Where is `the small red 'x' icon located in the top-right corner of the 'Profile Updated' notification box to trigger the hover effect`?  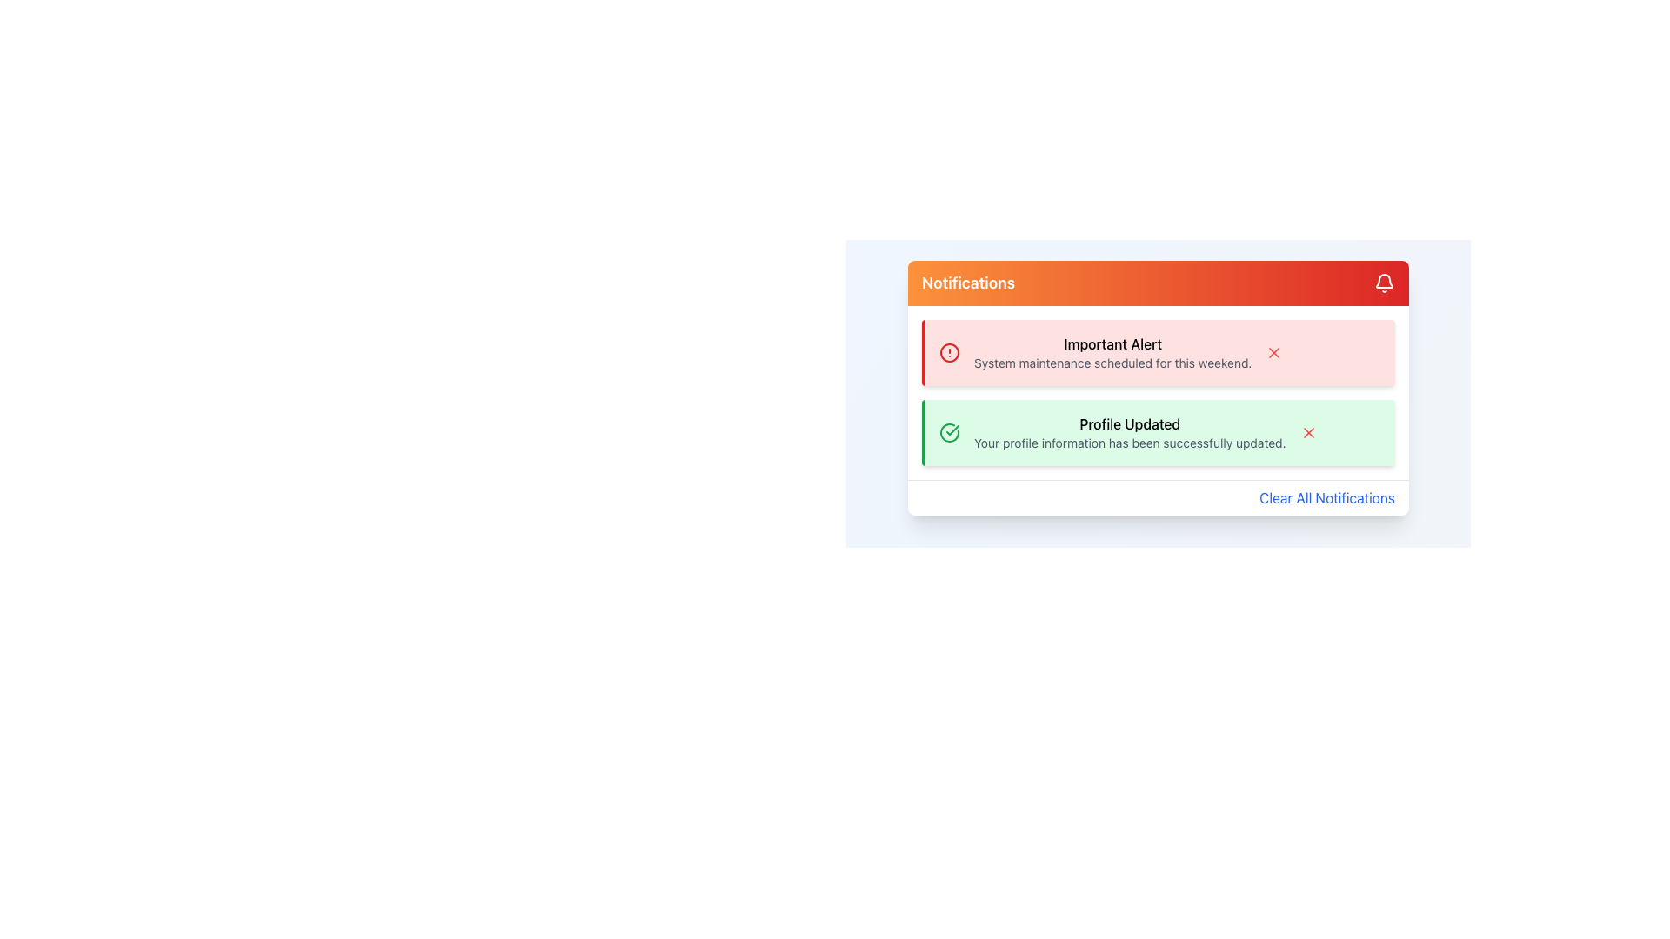
the small red 'x' icon located in the top-right corner of the 'Profile Updated' notification box to trigger the hover effect is located at coordinates (1308, 431).